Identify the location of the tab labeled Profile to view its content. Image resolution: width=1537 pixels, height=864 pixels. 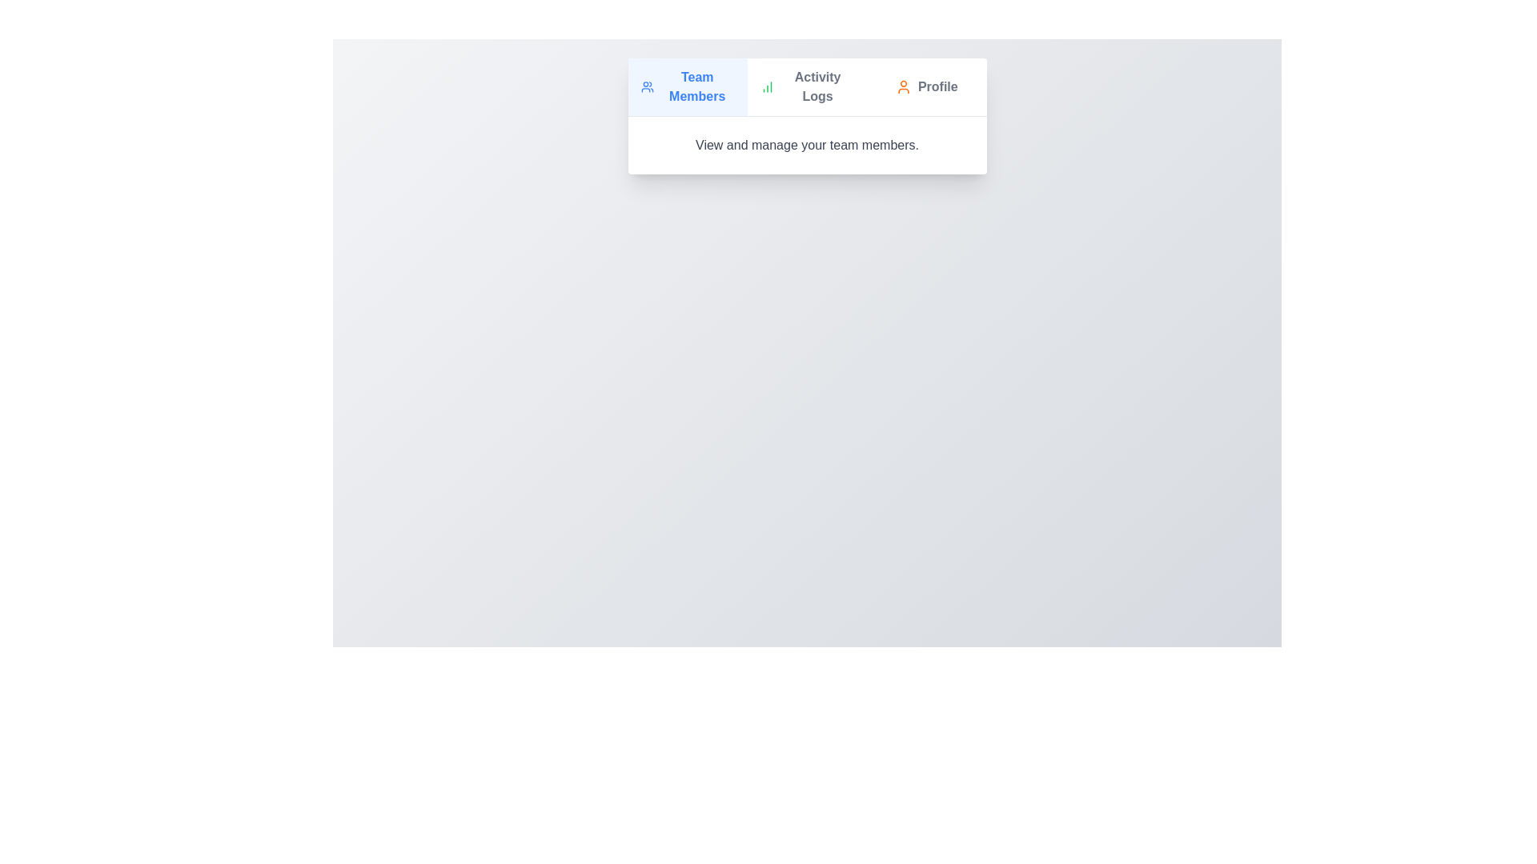
(925, 86).